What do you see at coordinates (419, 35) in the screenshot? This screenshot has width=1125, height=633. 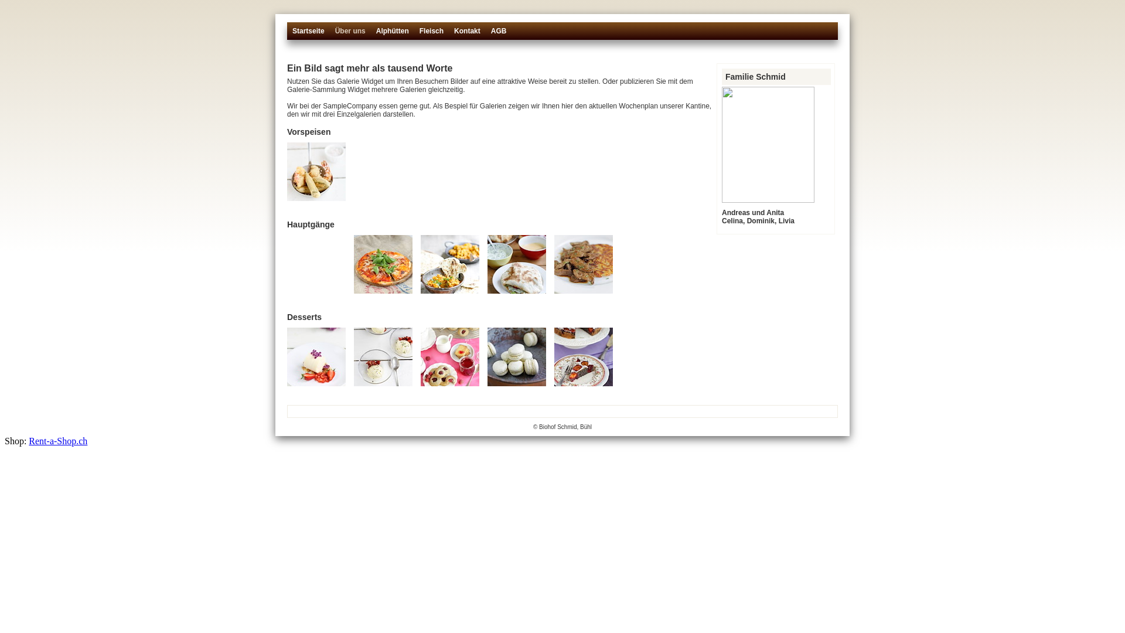 I see `'Fleisch'` at bounding box center [419, 35].